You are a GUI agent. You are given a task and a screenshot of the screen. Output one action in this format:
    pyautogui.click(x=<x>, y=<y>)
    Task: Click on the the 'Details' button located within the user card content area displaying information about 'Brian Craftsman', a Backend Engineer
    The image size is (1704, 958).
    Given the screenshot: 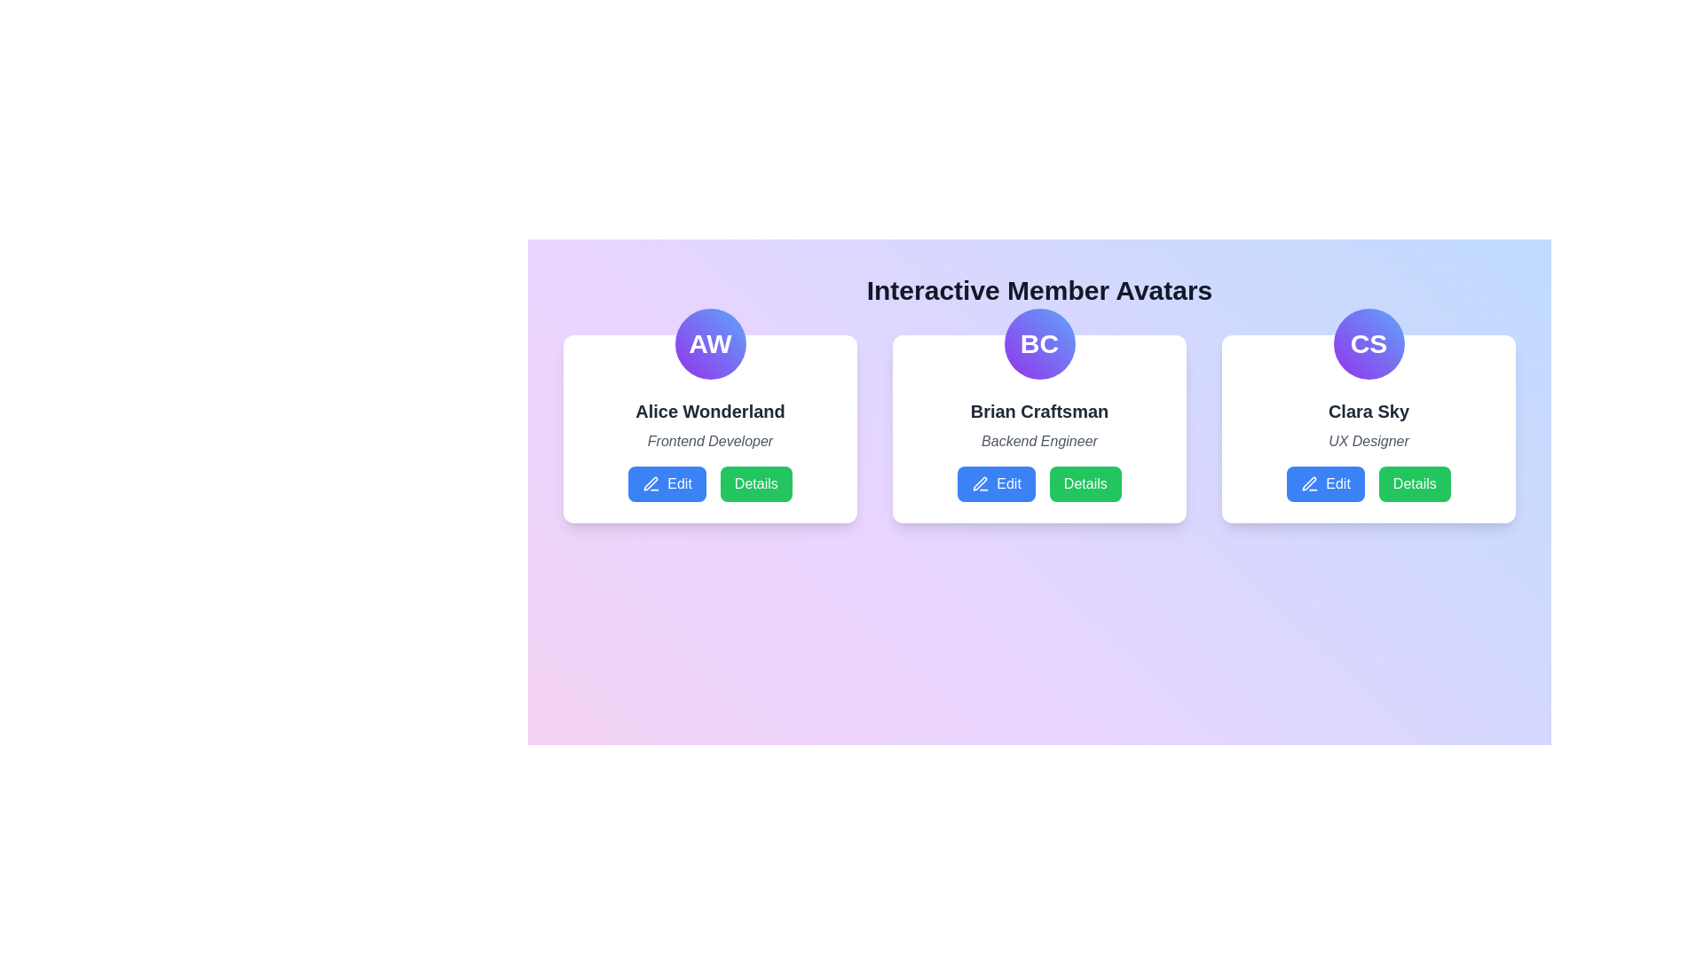 What is the action you would take?
    pyautogui.click(x=1039, y=450)
    